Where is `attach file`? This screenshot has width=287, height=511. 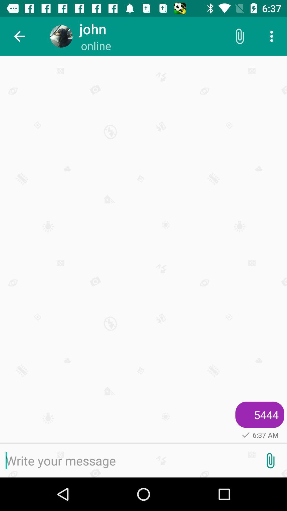 attach file is located at coordinates (270, 460).